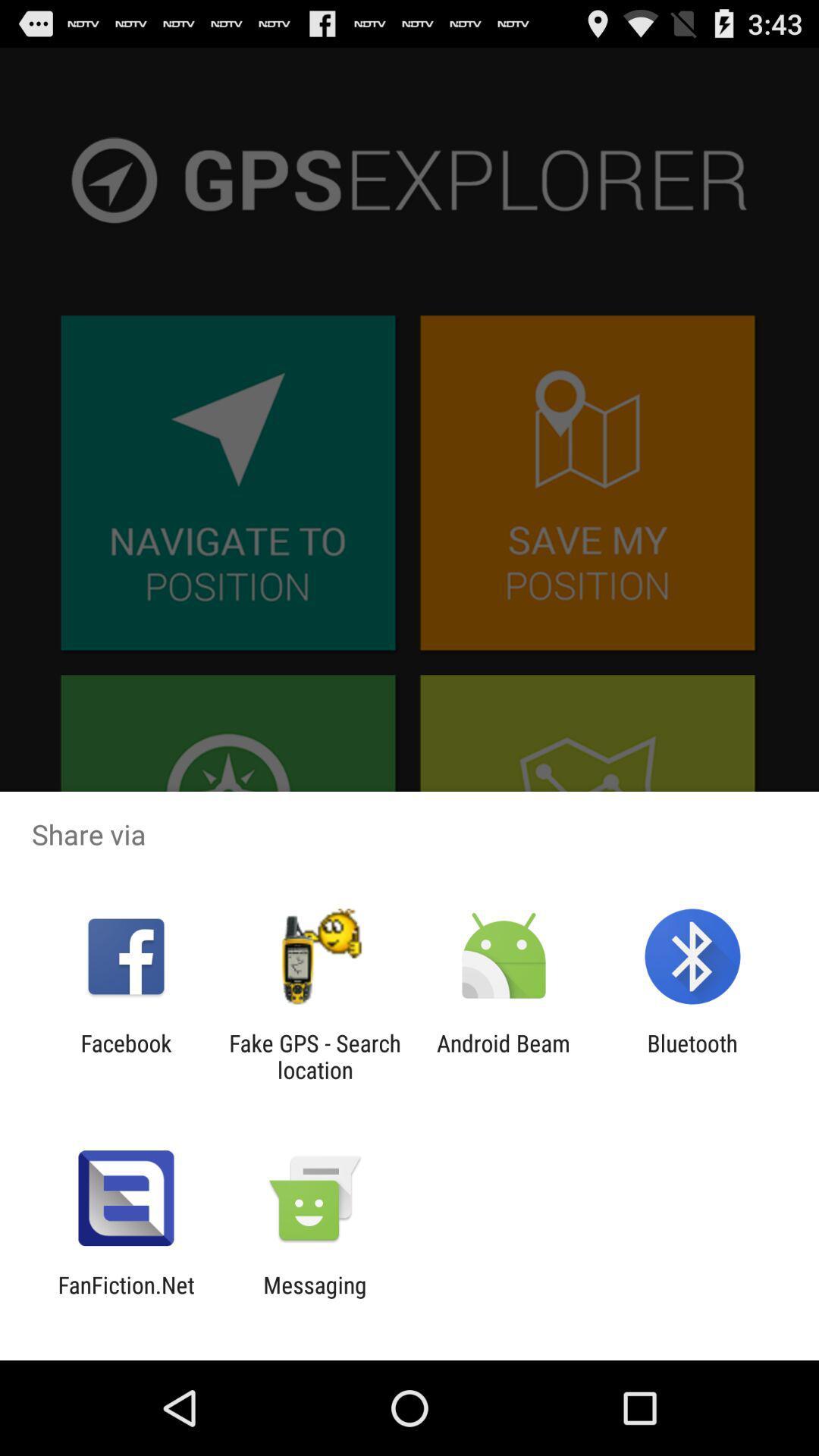  I want to click on the item next to facebook icon, so click(314, 1056).